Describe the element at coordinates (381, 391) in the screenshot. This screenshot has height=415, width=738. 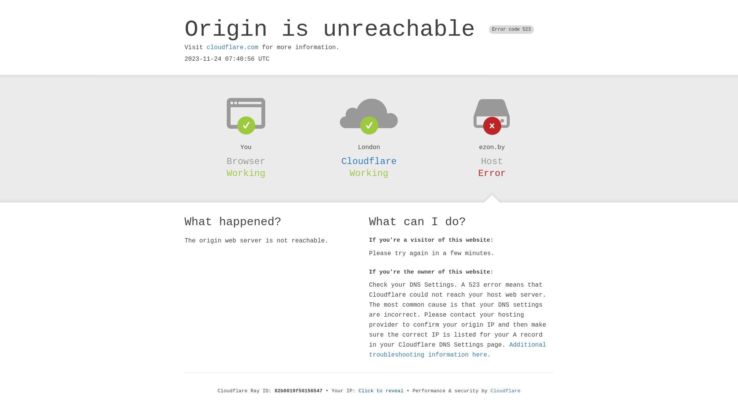
I see `'Click to reveal'` at that location.